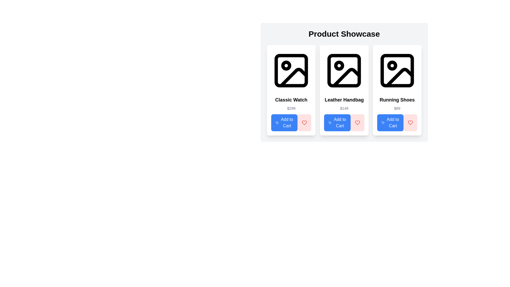 This screenshot has height=287, width=510. Describe the element at coordinates (397, 70) in the screenshot. I see `the image placeholder icon representing product media located at the top section of the rightmost card in the product showcase layout, above the product name 'Running Shoes' and price '$89'` at that location.